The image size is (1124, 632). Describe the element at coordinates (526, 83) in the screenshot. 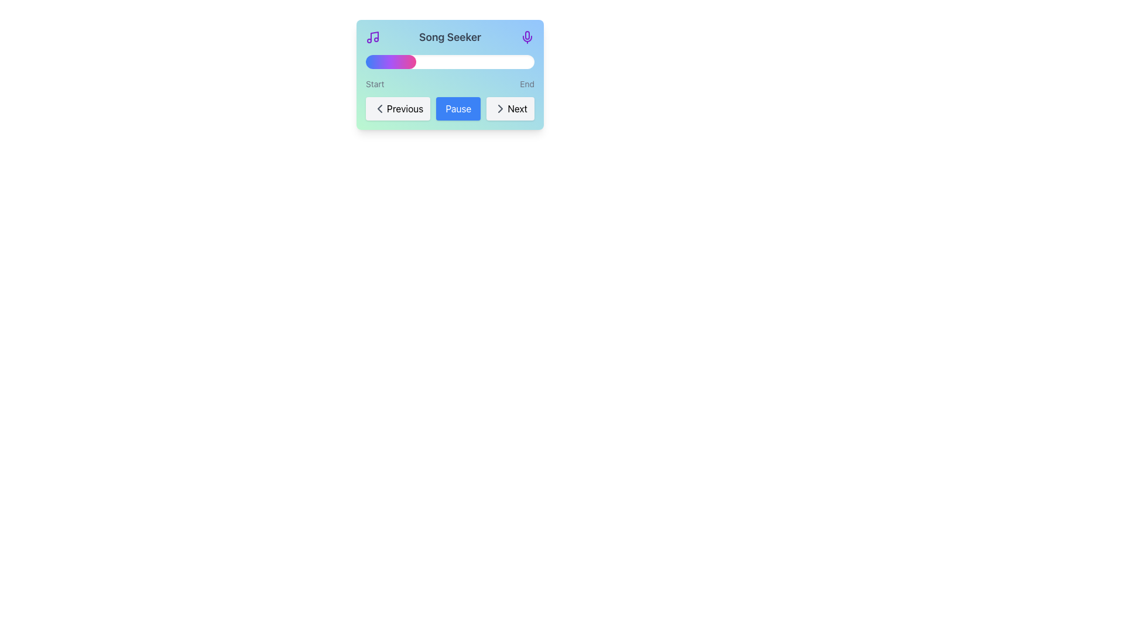

I see `the 'End' label, which is positioned to the right of the 'Start' label, marking the end point of a range or timeline` at that location.